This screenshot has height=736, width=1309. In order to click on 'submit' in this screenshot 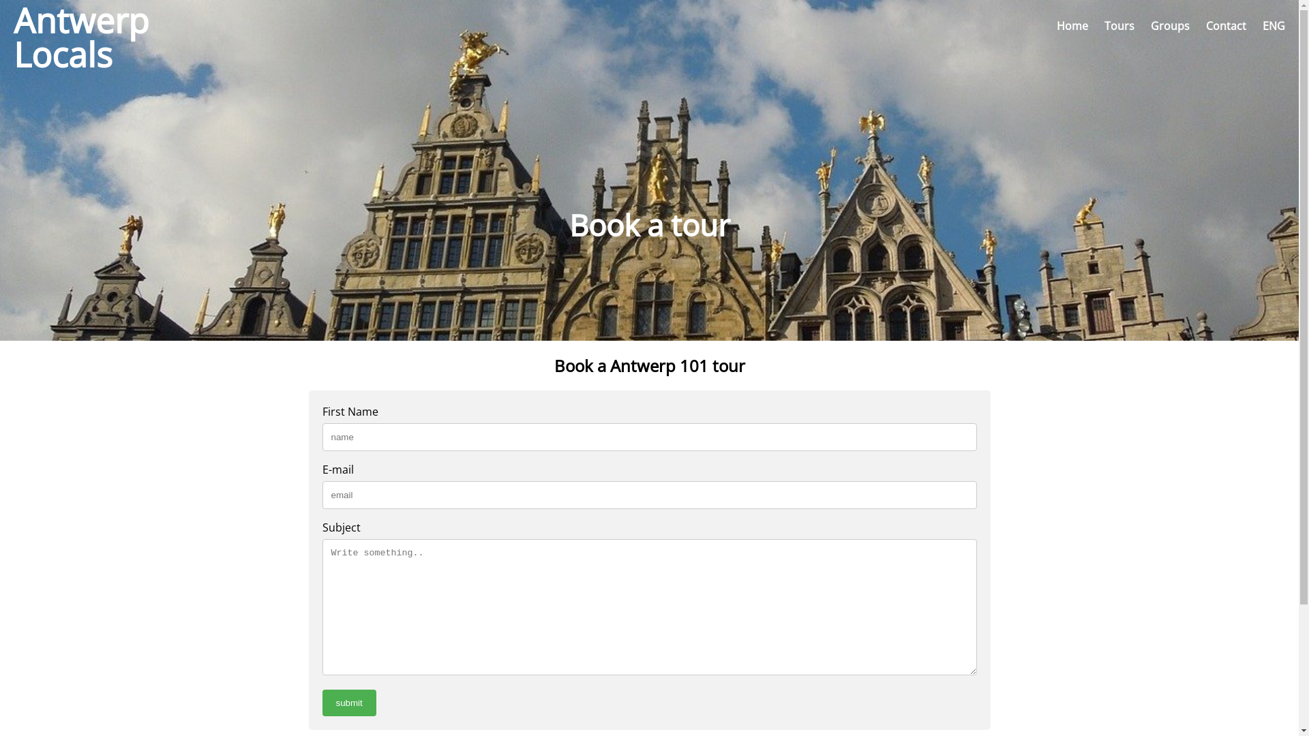, I will do `click(348, 703)`.